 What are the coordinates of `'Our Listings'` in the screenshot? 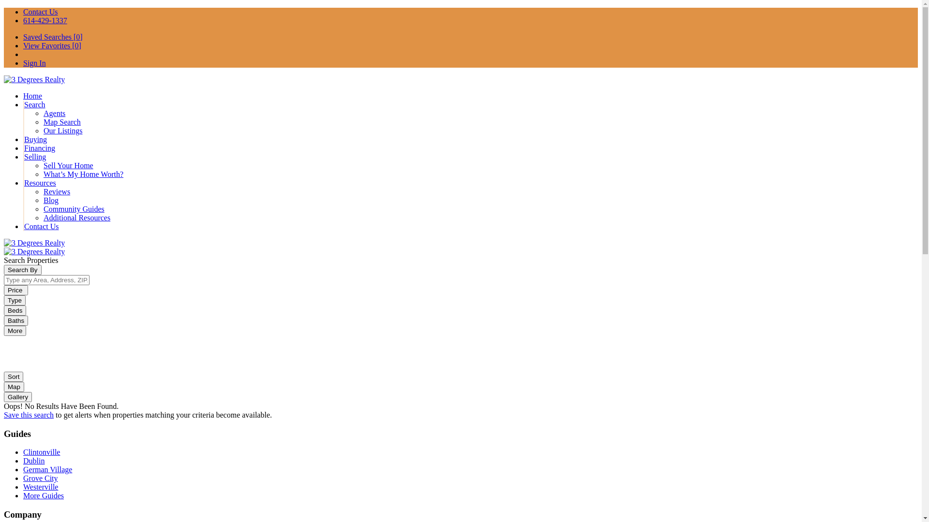 It's located at (43, 130).